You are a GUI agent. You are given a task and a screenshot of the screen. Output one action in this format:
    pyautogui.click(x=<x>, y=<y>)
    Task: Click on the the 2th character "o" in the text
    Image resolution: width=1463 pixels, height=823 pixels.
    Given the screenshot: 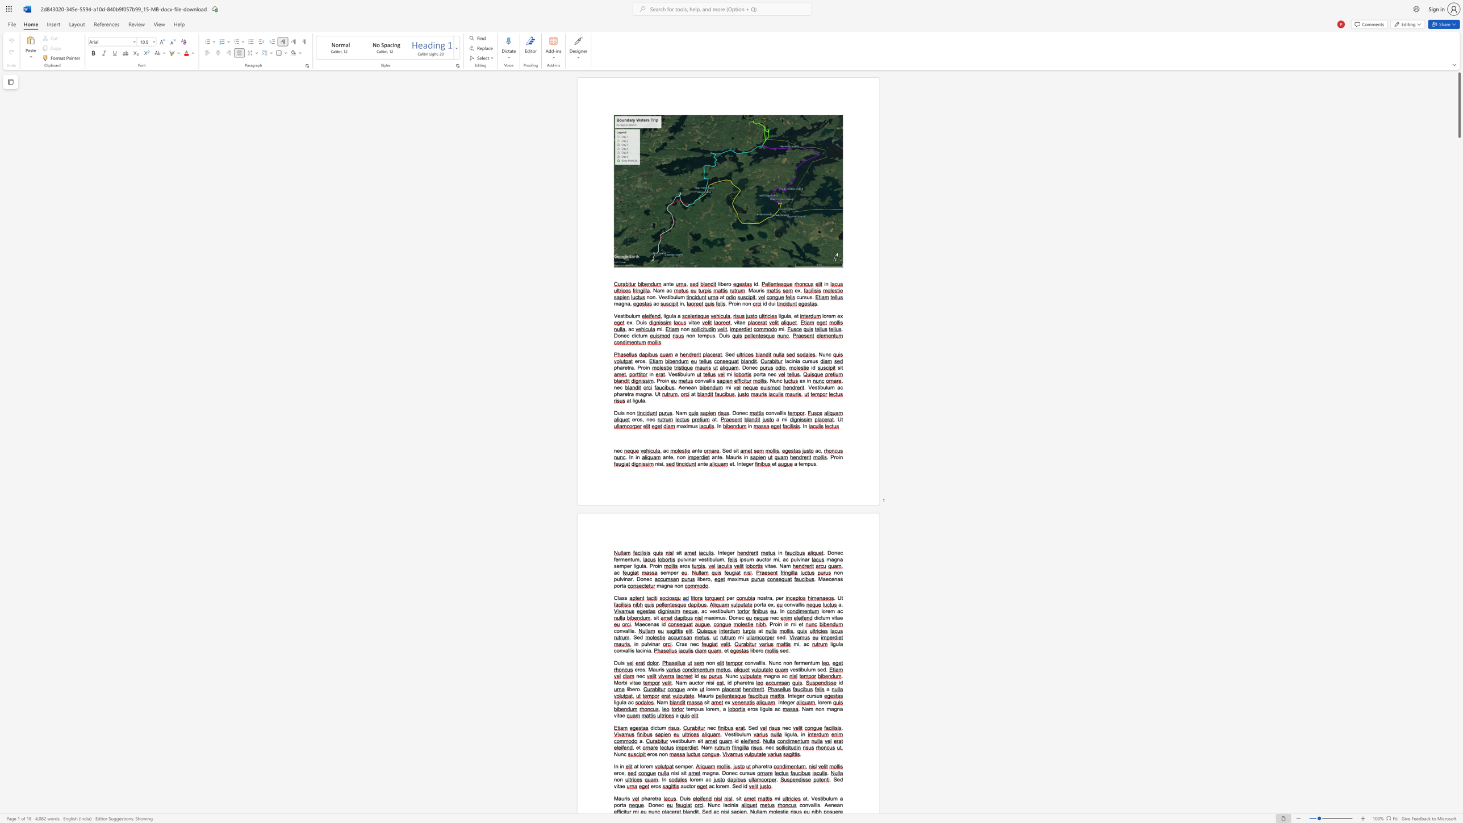 What is the action you would take?
    pyautogui.click(x=663, y=753)
    